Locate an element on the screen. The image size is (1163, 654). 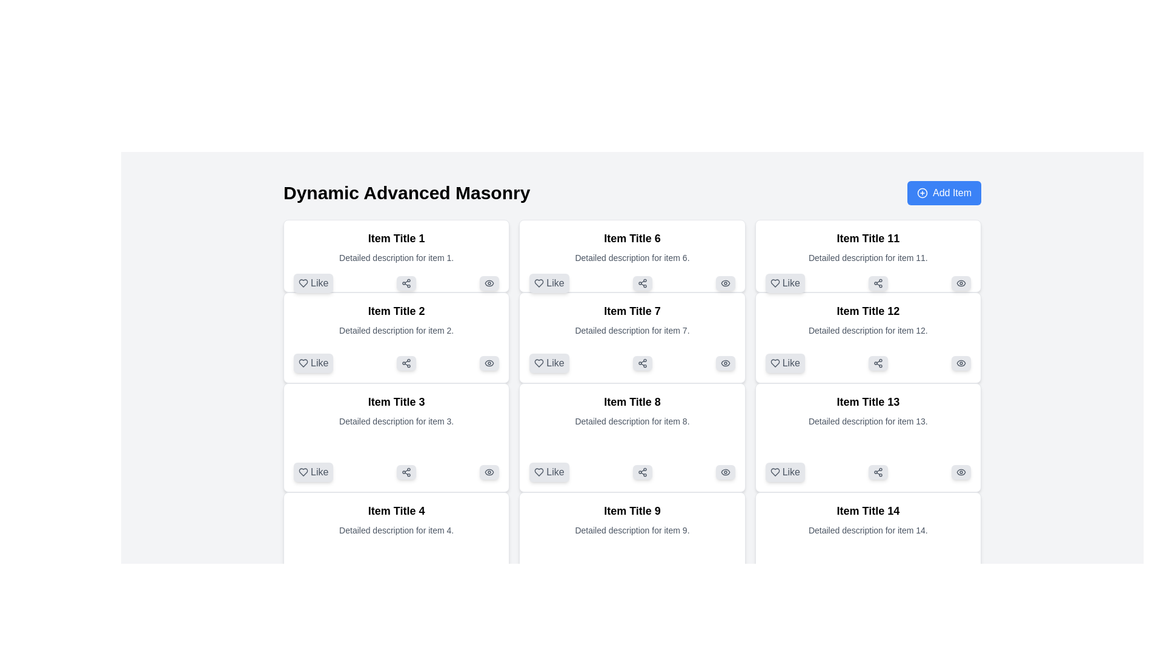
the text label that reads 'Detailed description for item 12.' which is located in the 12th cell of a masonry grid layout, positioned below the title 'Item Title 12' is located at coordinates (867, 331).